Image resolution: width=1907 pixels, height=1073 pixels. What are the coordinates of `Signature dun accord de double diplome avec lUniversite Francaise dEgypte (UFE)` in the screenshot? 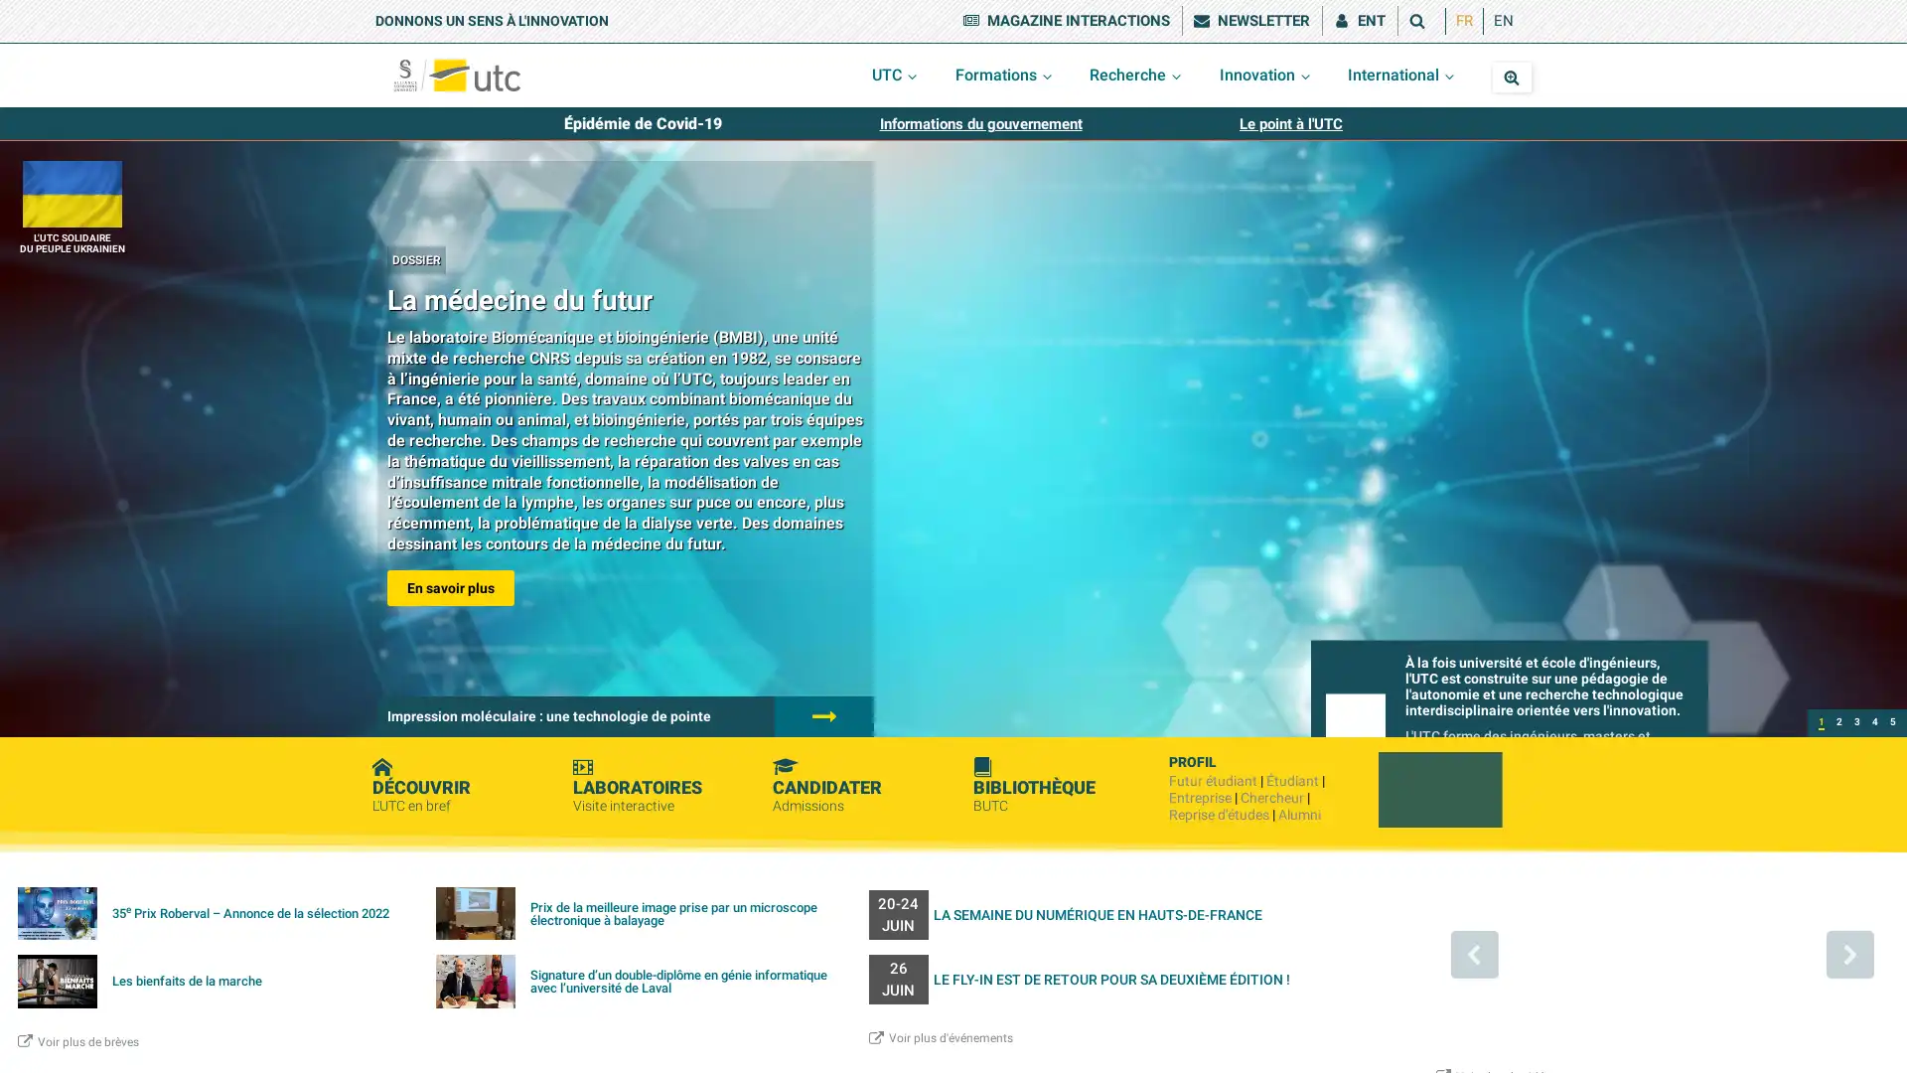 It's located at (1891, 723).